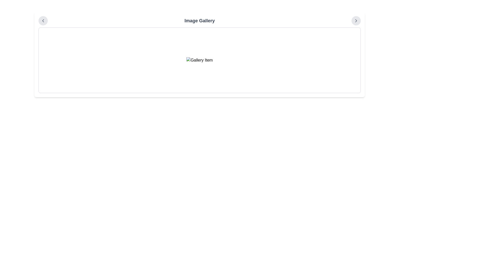 Image resolution: width=493 pixels, height=277 pixels. Describe the element at coordinates (356, 21) in the screenshot. I see `the navigation icon (chevron or arrow) located in the upper-right corner of the panel next to the title 'Image Gallery'` at that location.